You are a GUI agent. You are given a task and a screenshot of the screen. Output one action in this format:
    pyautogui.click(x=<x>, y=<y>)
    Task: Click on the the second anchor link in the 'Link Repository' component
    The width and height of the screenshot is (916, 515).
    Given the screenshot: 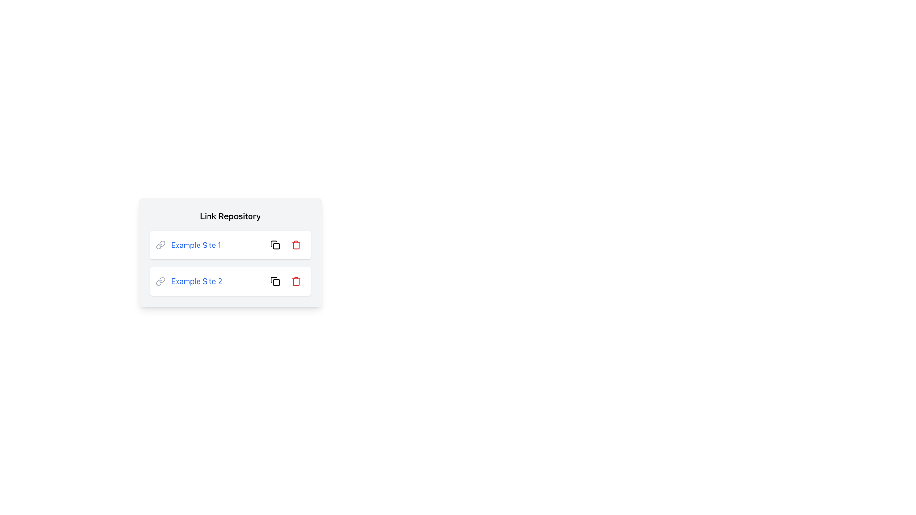 What is the action you would take?
    pyautogui.click(x=196, y=281)
    